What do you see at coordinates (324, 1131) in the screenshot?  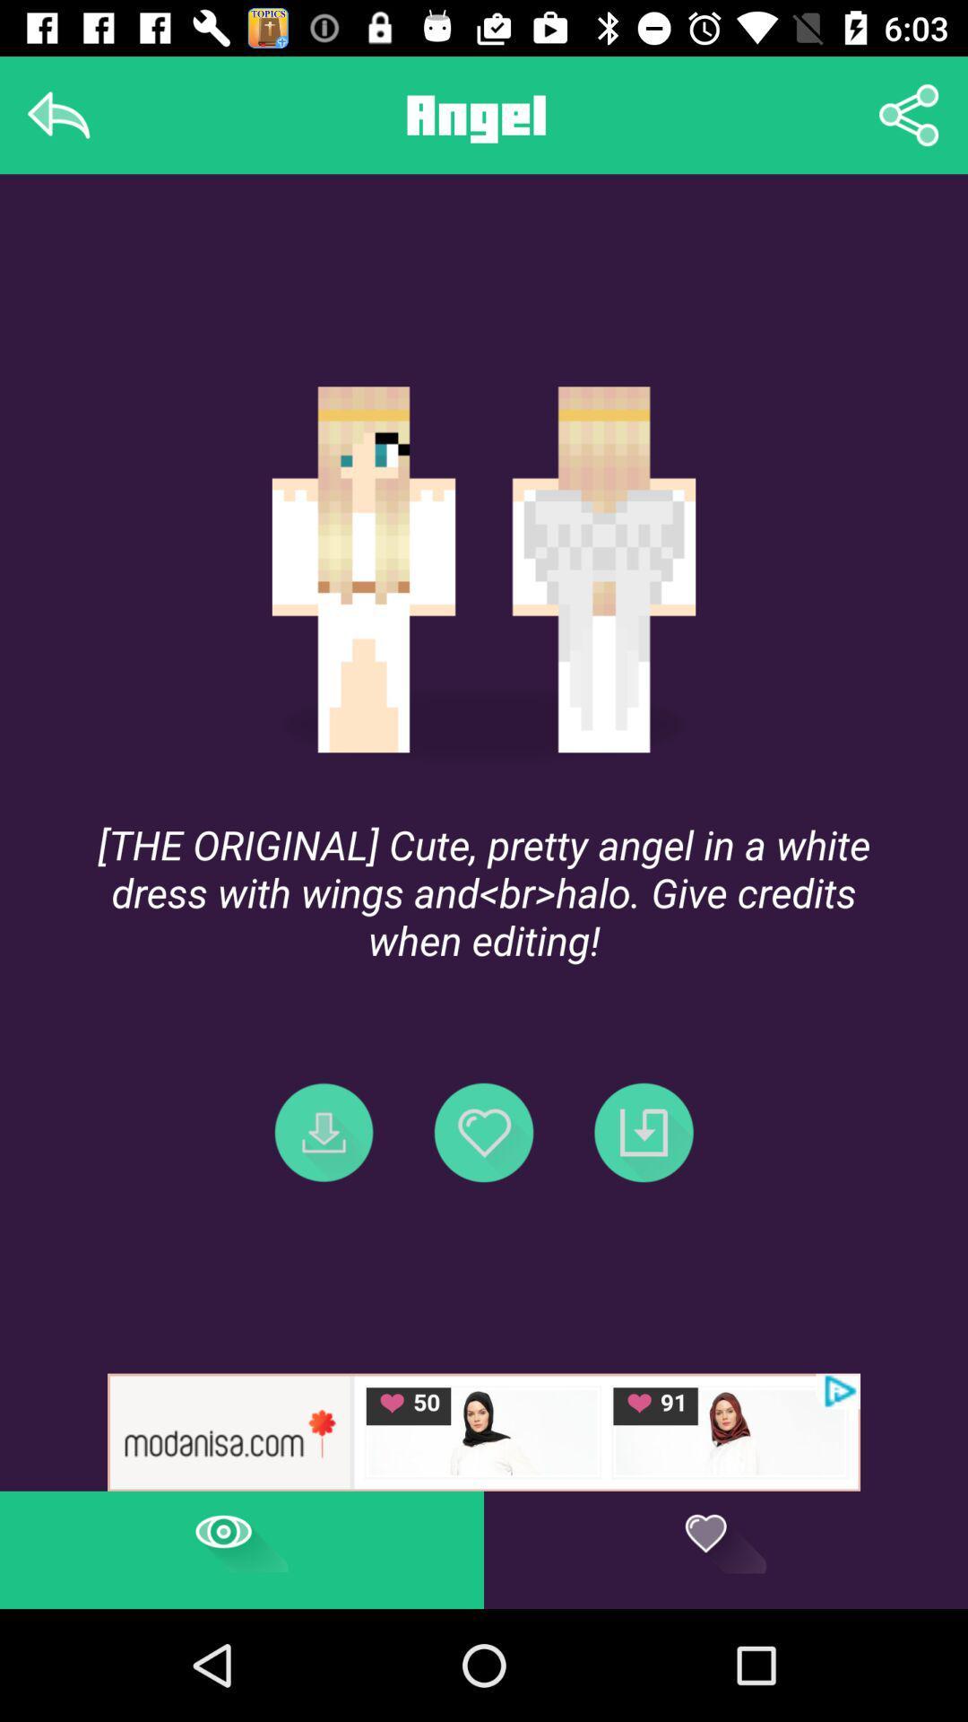 I see `the first icon in a row of three icons` at bounding box center [324, 1131].